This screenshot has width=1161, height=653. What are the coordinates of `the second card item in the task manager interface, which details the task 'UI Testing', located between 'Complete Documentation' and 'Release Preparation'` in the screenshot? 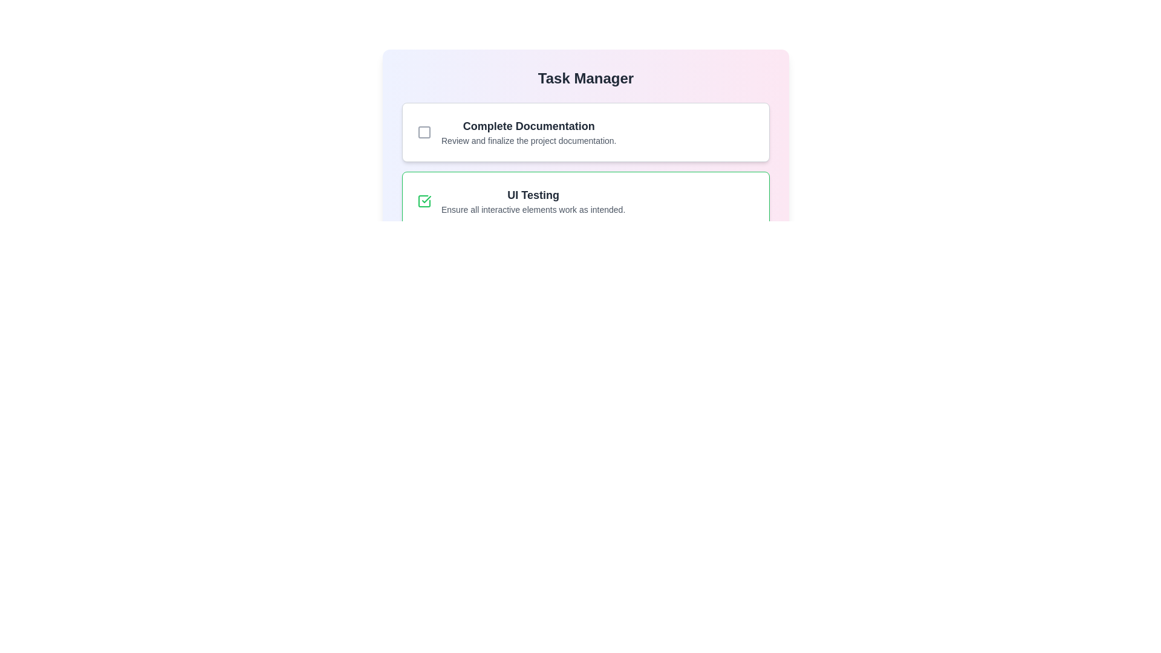 It's located at (586, 200).